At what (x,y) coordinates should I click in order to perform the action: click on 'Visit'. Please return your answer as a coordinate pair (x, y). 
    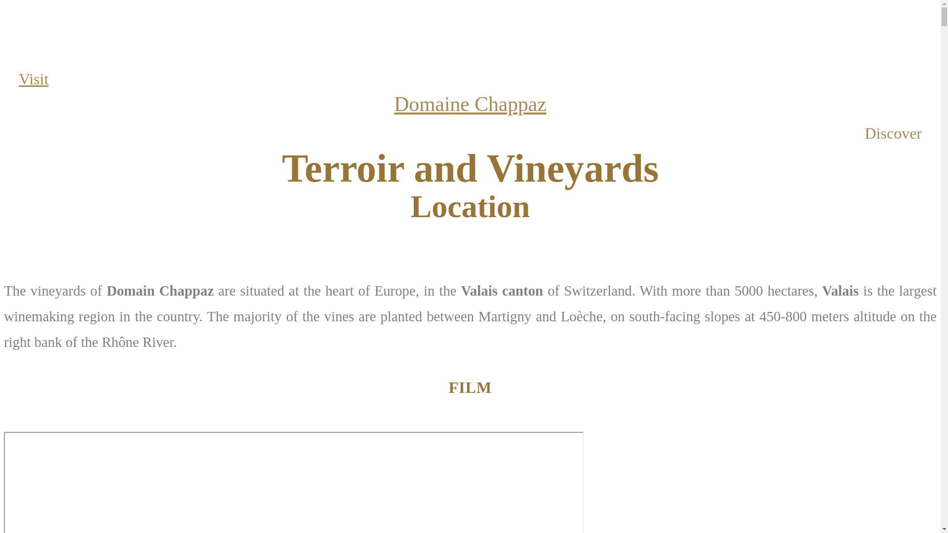
    Looking at the image, I should click on (33, 78).